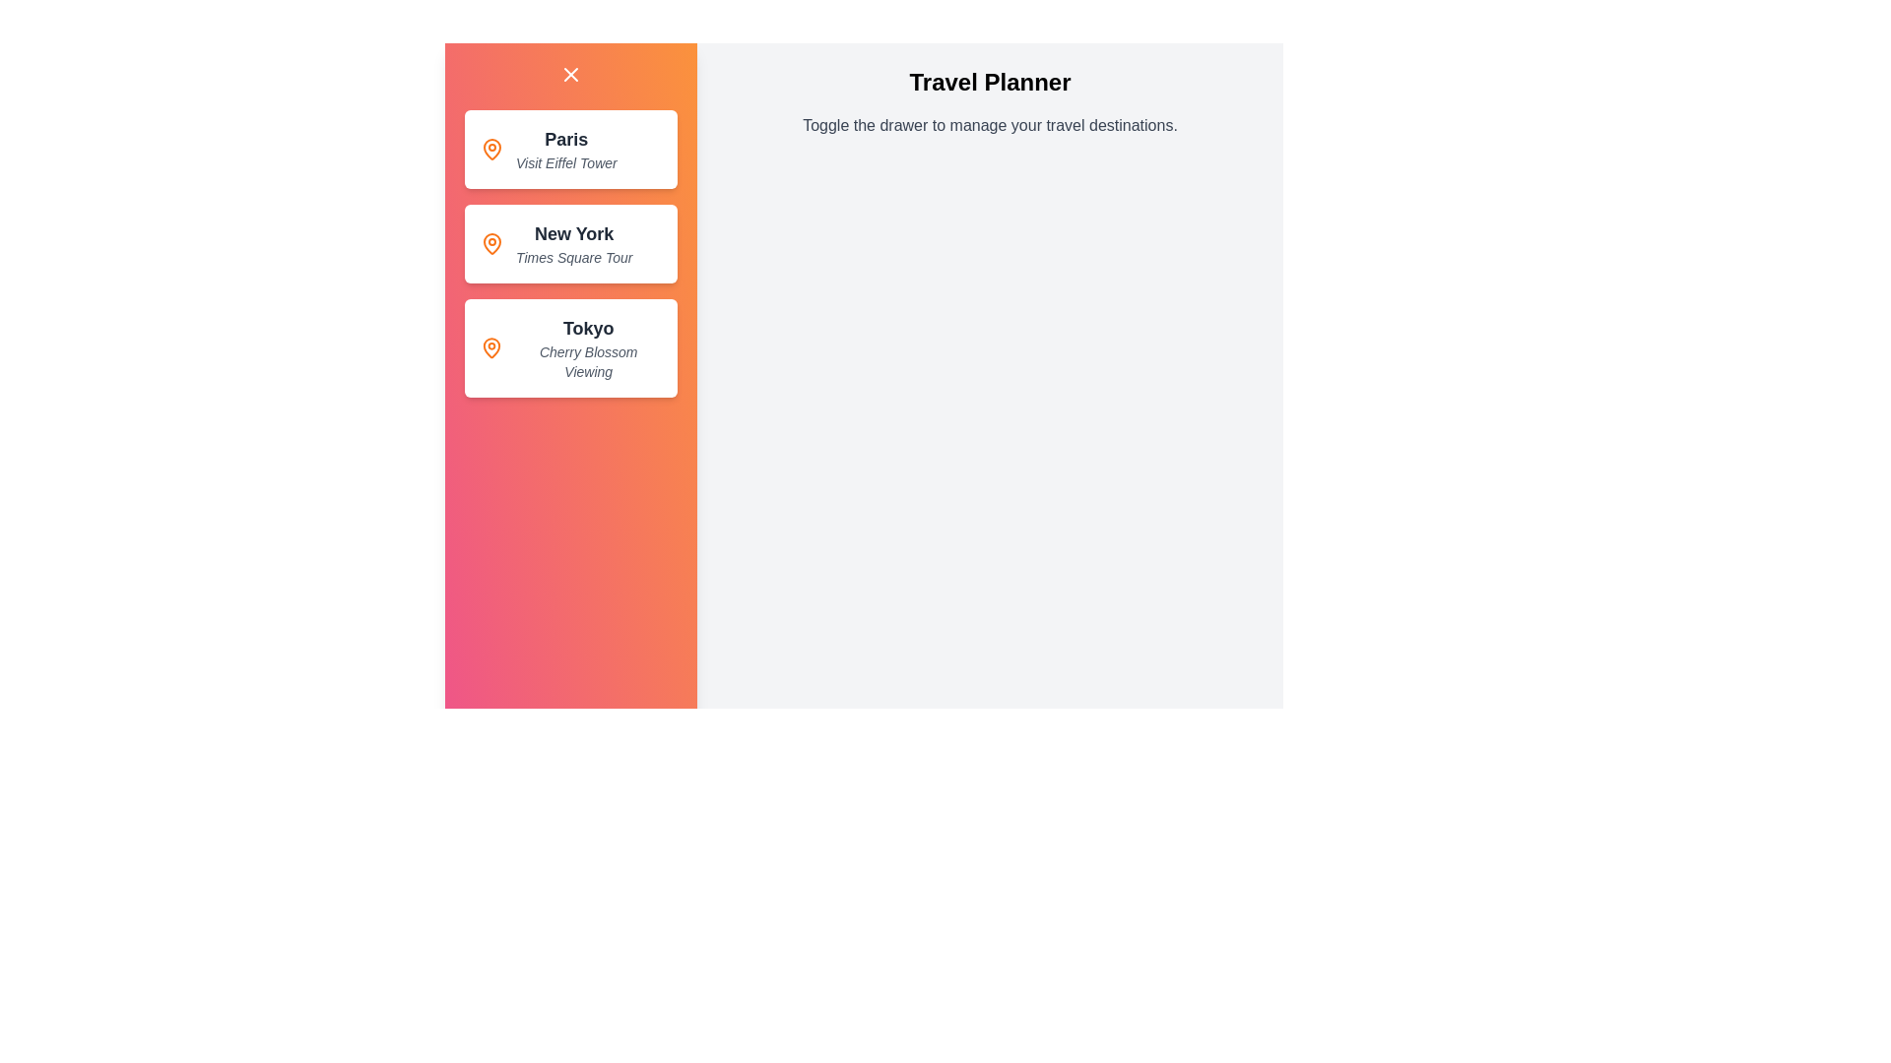 The image size is (1891, 1063). Describe the element at coordinates (515, 161) in the screenshot. I see `the text 'Visit Eiffel Tower' under the 'Paris' destination` at that location.